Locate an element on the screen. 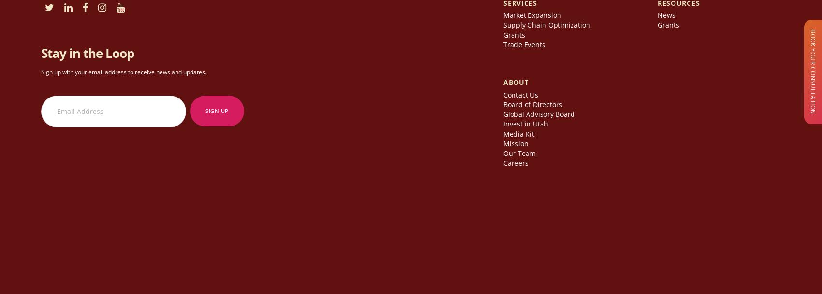 Image resolution: width=822 pixels, height=294 pixels. 'Services' is located at coordinates (520, 6).